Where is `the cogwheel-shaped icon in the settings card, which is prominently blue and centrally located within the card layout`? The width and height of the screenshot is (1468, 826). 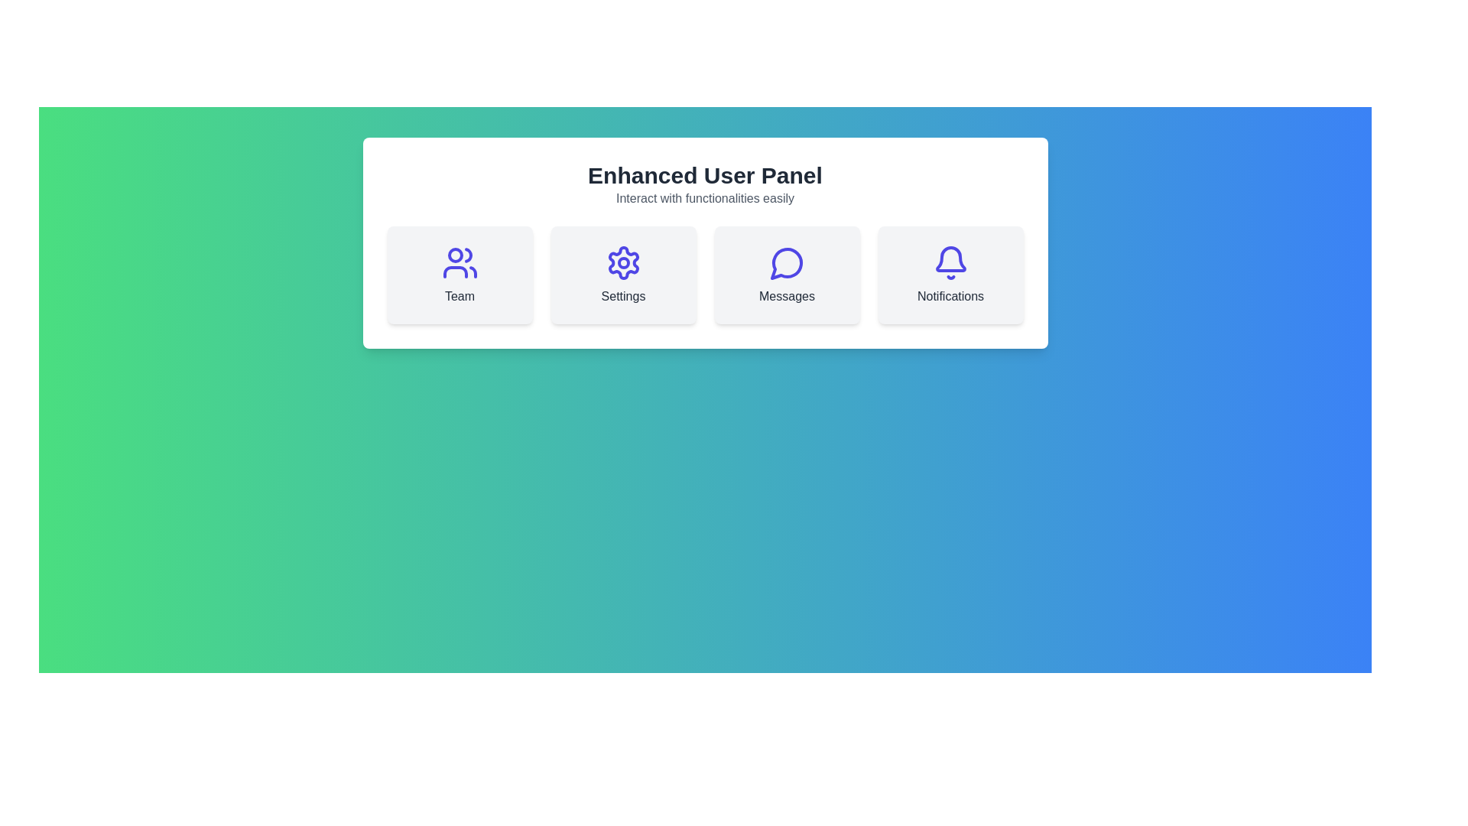 the cogwheel-shaped icon in the settings card, which is prominently blue and centrally located within the card layout is located at coordinates (623, 262).